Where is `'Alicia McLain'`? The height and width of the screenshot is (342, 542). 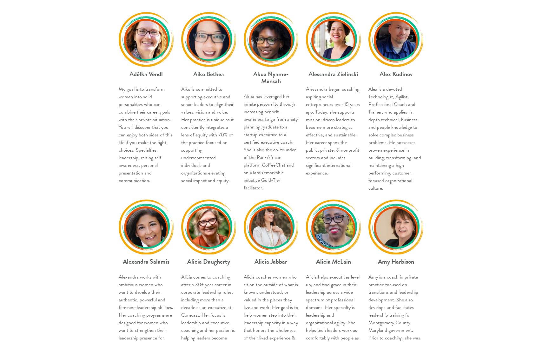
'Alicia McLain' is located at coordinates (333, 261).